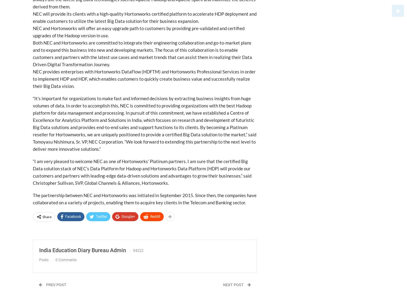 The image size is (407, 291). I want to click on 'India Education Diary Bureau Admin', so click(82, 250).